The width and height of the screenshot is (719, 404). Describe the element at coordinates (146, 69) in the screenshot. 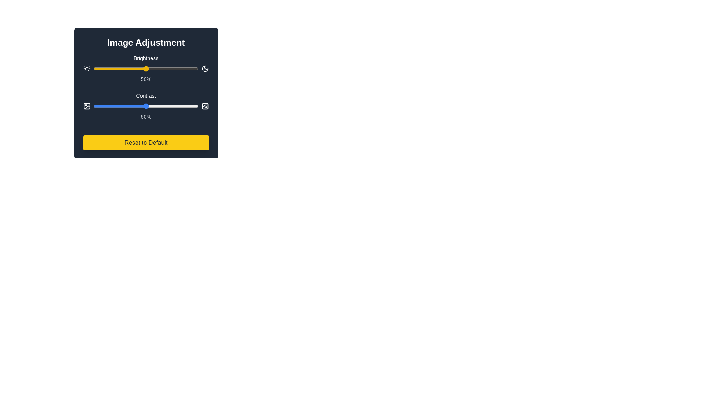

I see `the horizontal brightness slider located below the 'Brightness' label and above the '50%' text in the 'Image Adjustment' panel` at that location.